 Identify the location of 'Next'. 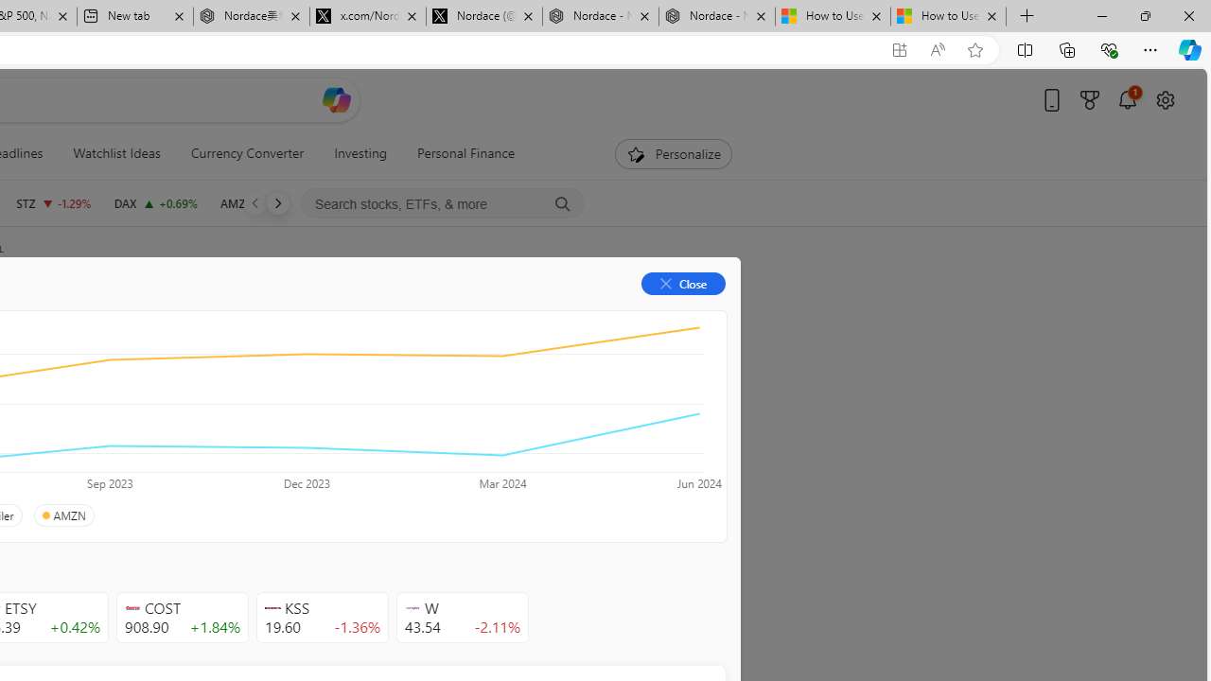
(276, 202).